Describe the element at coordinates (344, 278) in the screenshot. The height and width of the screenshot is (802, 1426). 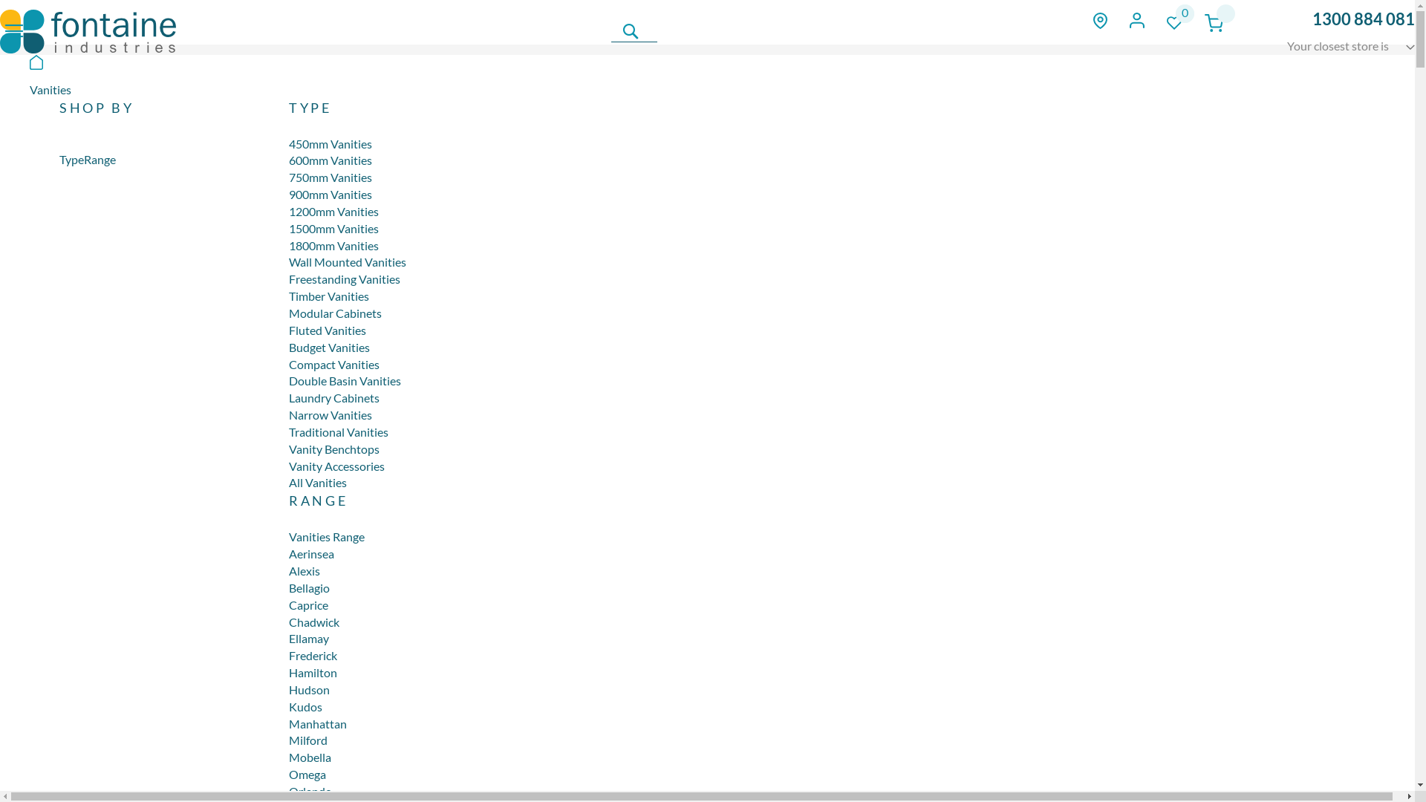
I see `'Freestanding Vanities'` at that location.